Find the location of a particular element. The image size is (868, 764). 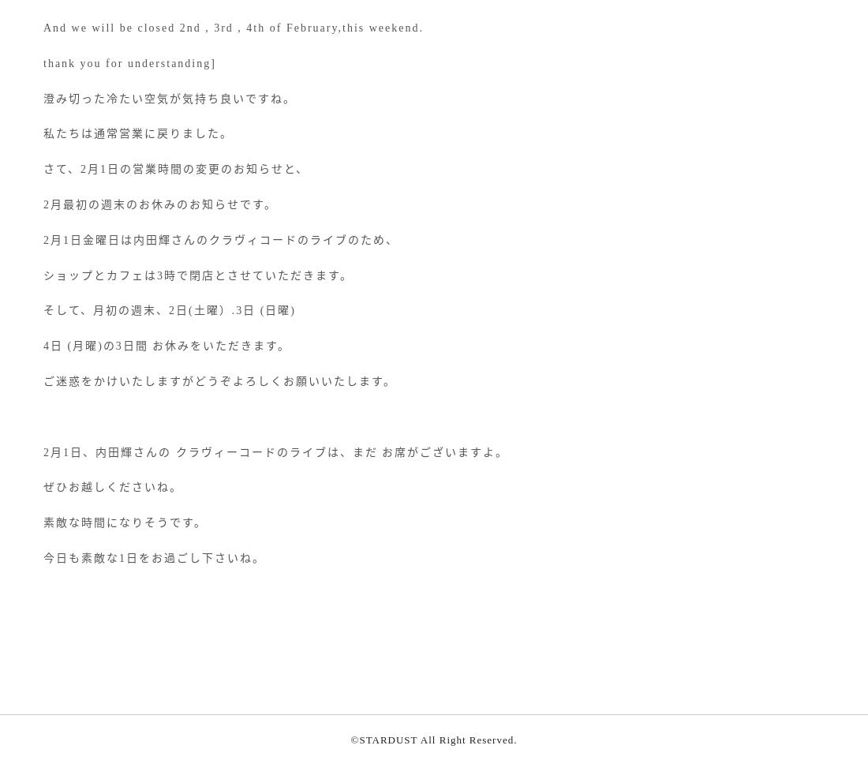

'4日 (月曜)の3日間 お休みをいただきます。' is located at coordinates (166, 346).